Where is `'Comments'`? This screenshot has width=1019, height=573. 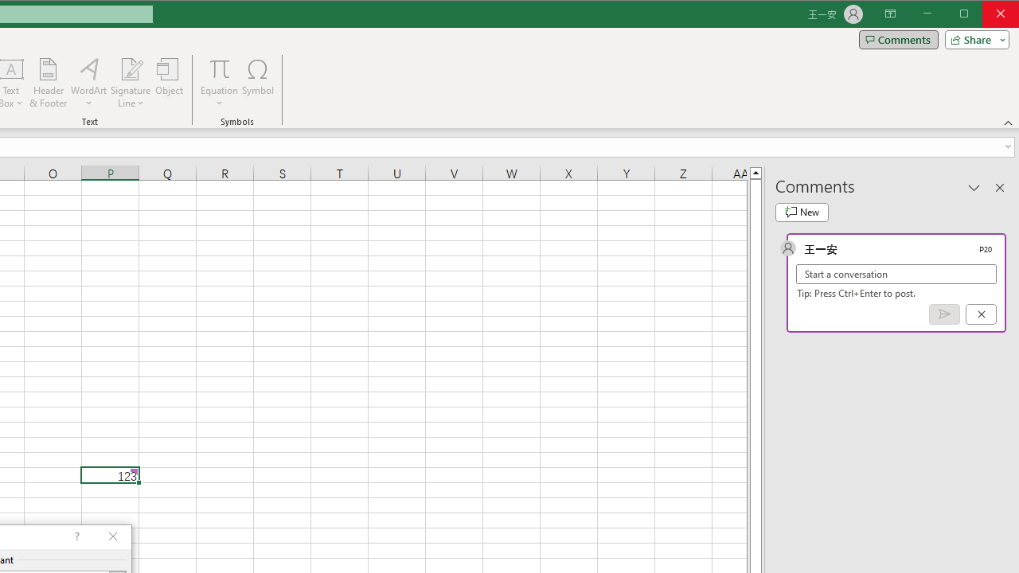 'Comments' is located at coordinates (898, 39).